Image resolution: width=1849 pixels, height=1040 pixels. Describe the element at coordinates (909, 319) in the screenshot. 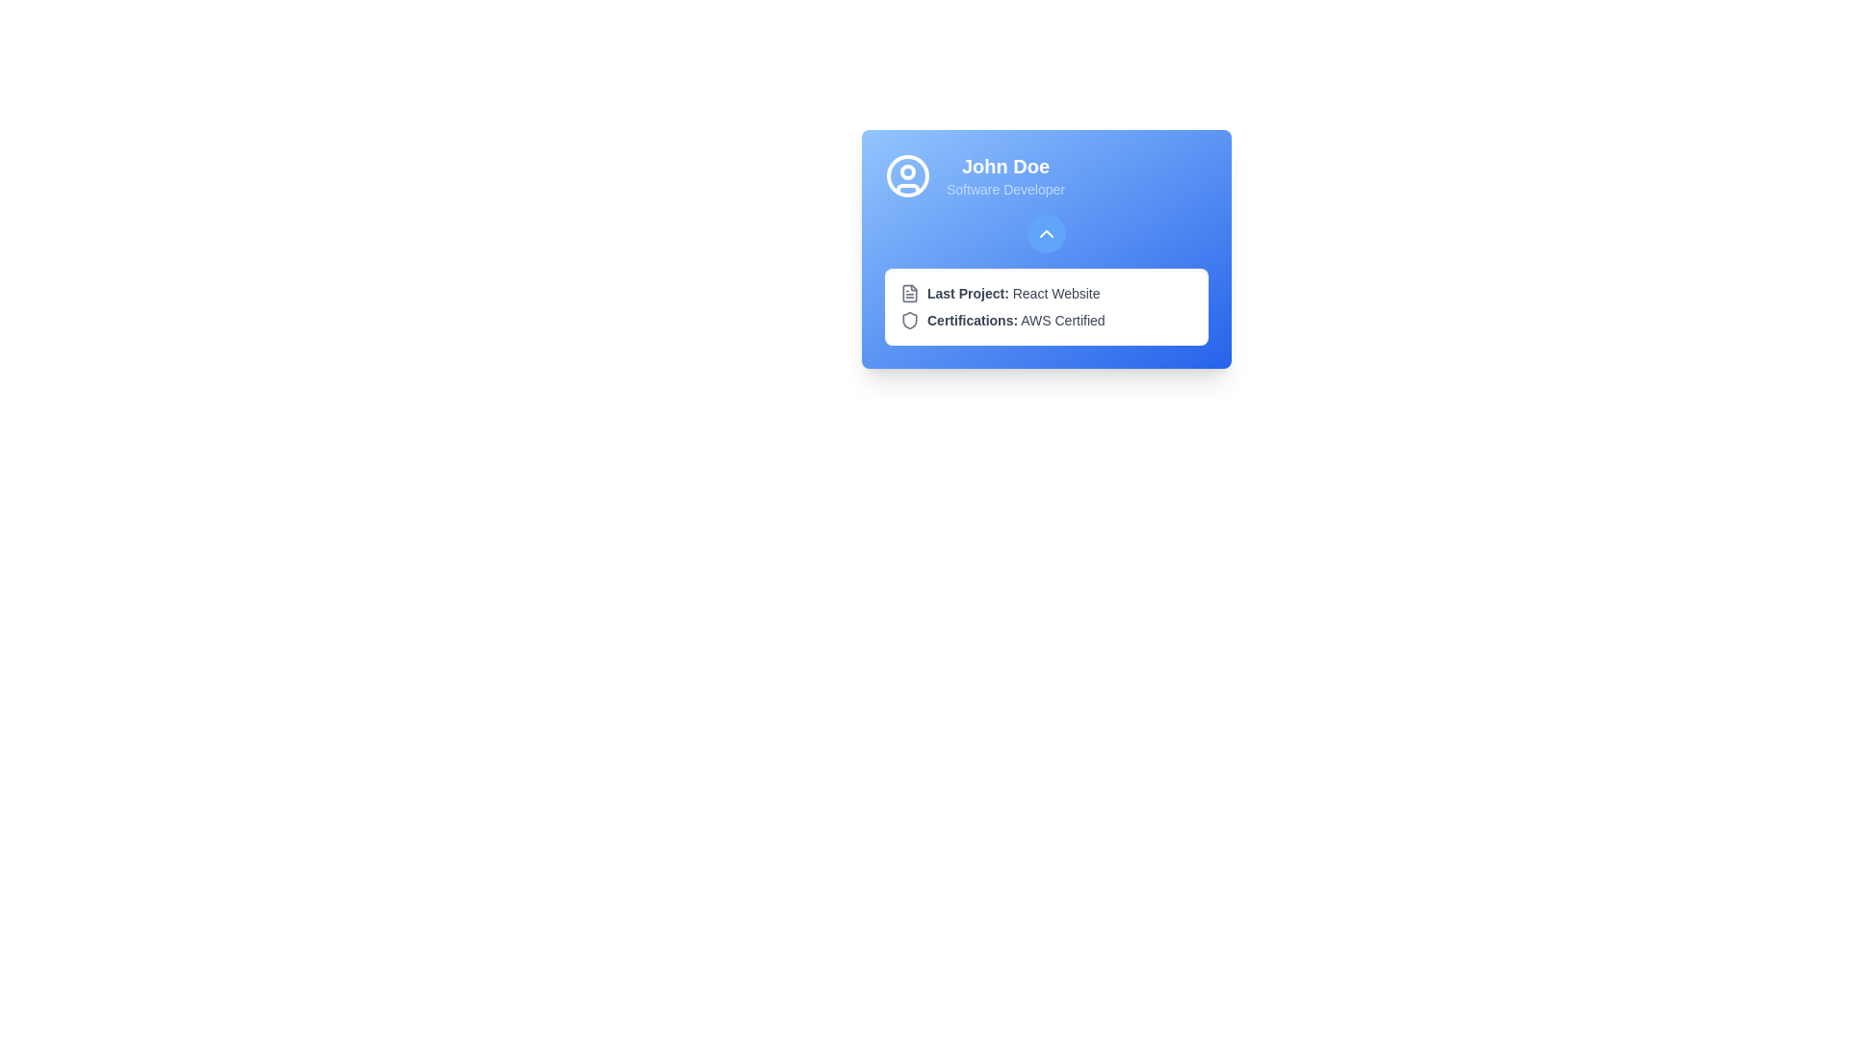

I see `the shield-shaped icon located to the left of the 'Certifications: AWS Certified' label` at that location.